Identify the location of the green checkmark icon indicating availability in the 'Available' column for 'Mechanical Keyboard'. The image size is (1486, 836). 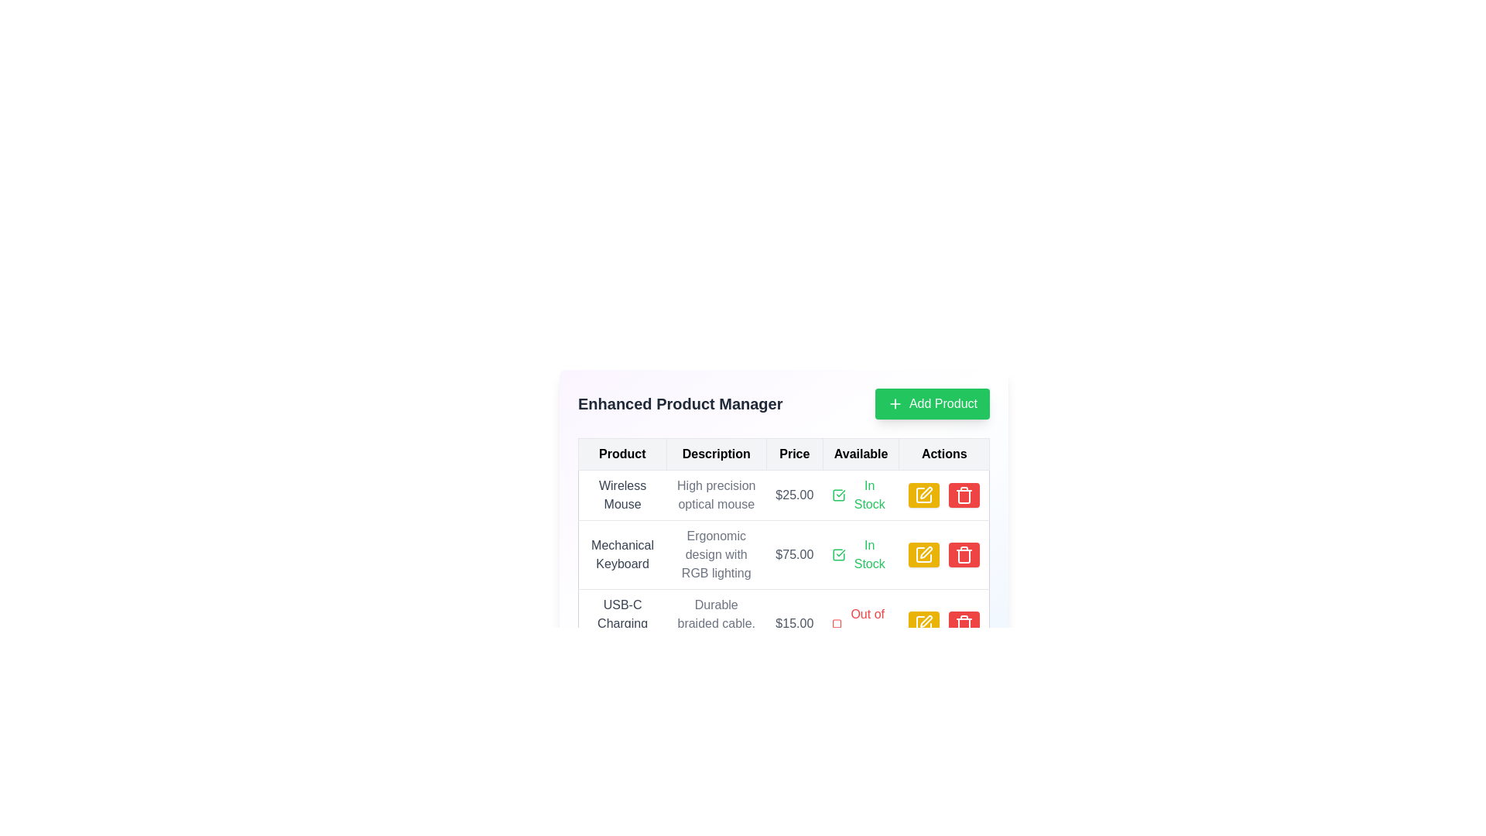
(838, 554).